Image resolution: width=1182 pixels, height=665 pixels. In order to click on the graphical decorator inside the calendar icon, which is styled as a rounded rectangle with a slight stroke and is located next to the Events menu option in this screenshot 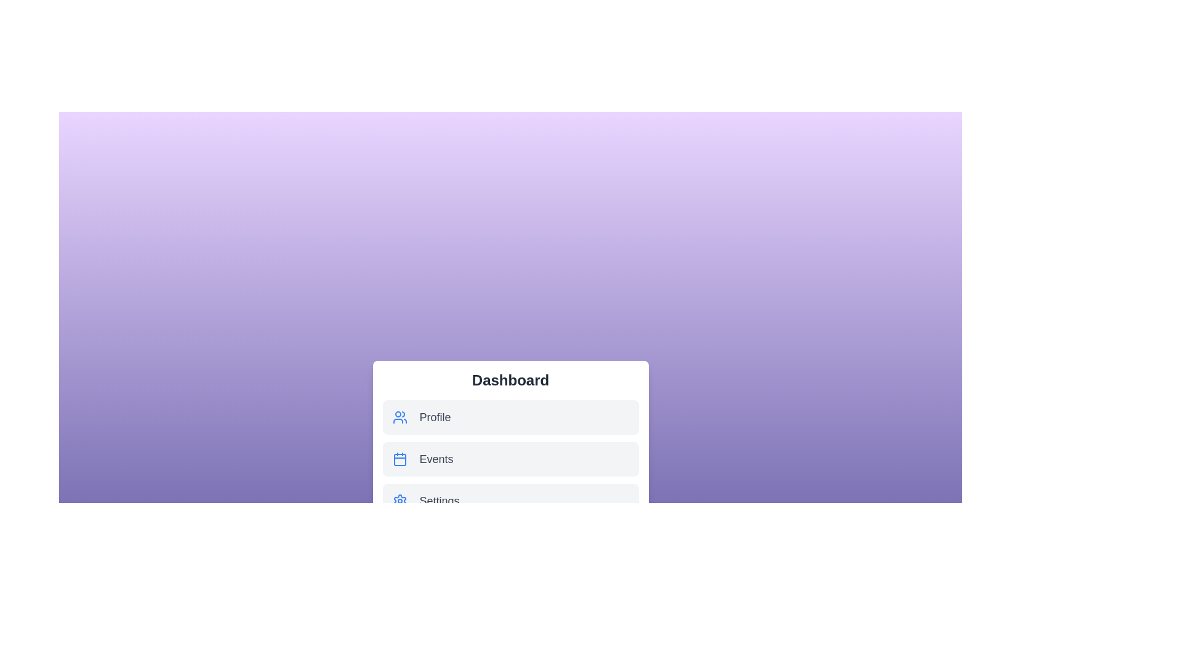, I will do `click(400, 460)`.